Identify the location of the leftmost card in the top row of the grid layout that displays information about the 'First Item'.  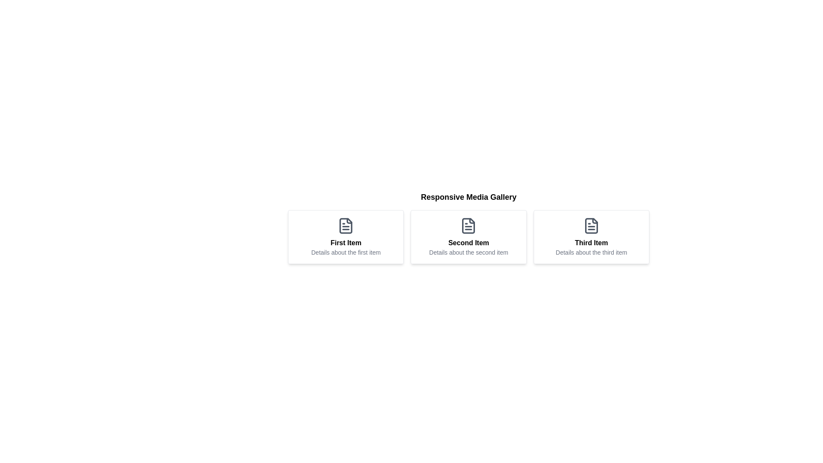
(346, 237).